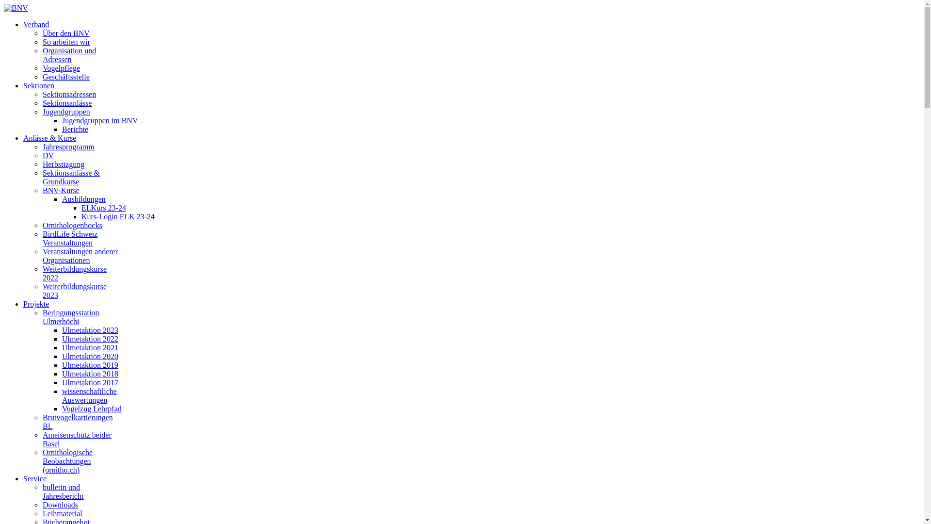 The height and width of the screenshot is (524, 931). Describe the element at coordinates (100, 120) in the screenshot. I see `'Jugendgruppen im BNV'` at that location.